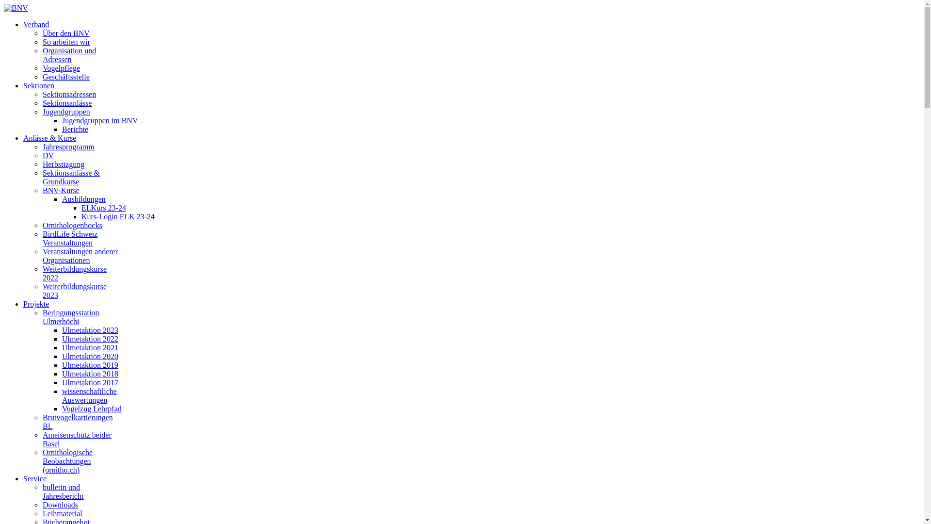 The height and width of the screenshot is (524, 931). Describe the element at coordinates (100, 120) in the screenshot. I see `'Jugendgruppen im BNV'` at that location.